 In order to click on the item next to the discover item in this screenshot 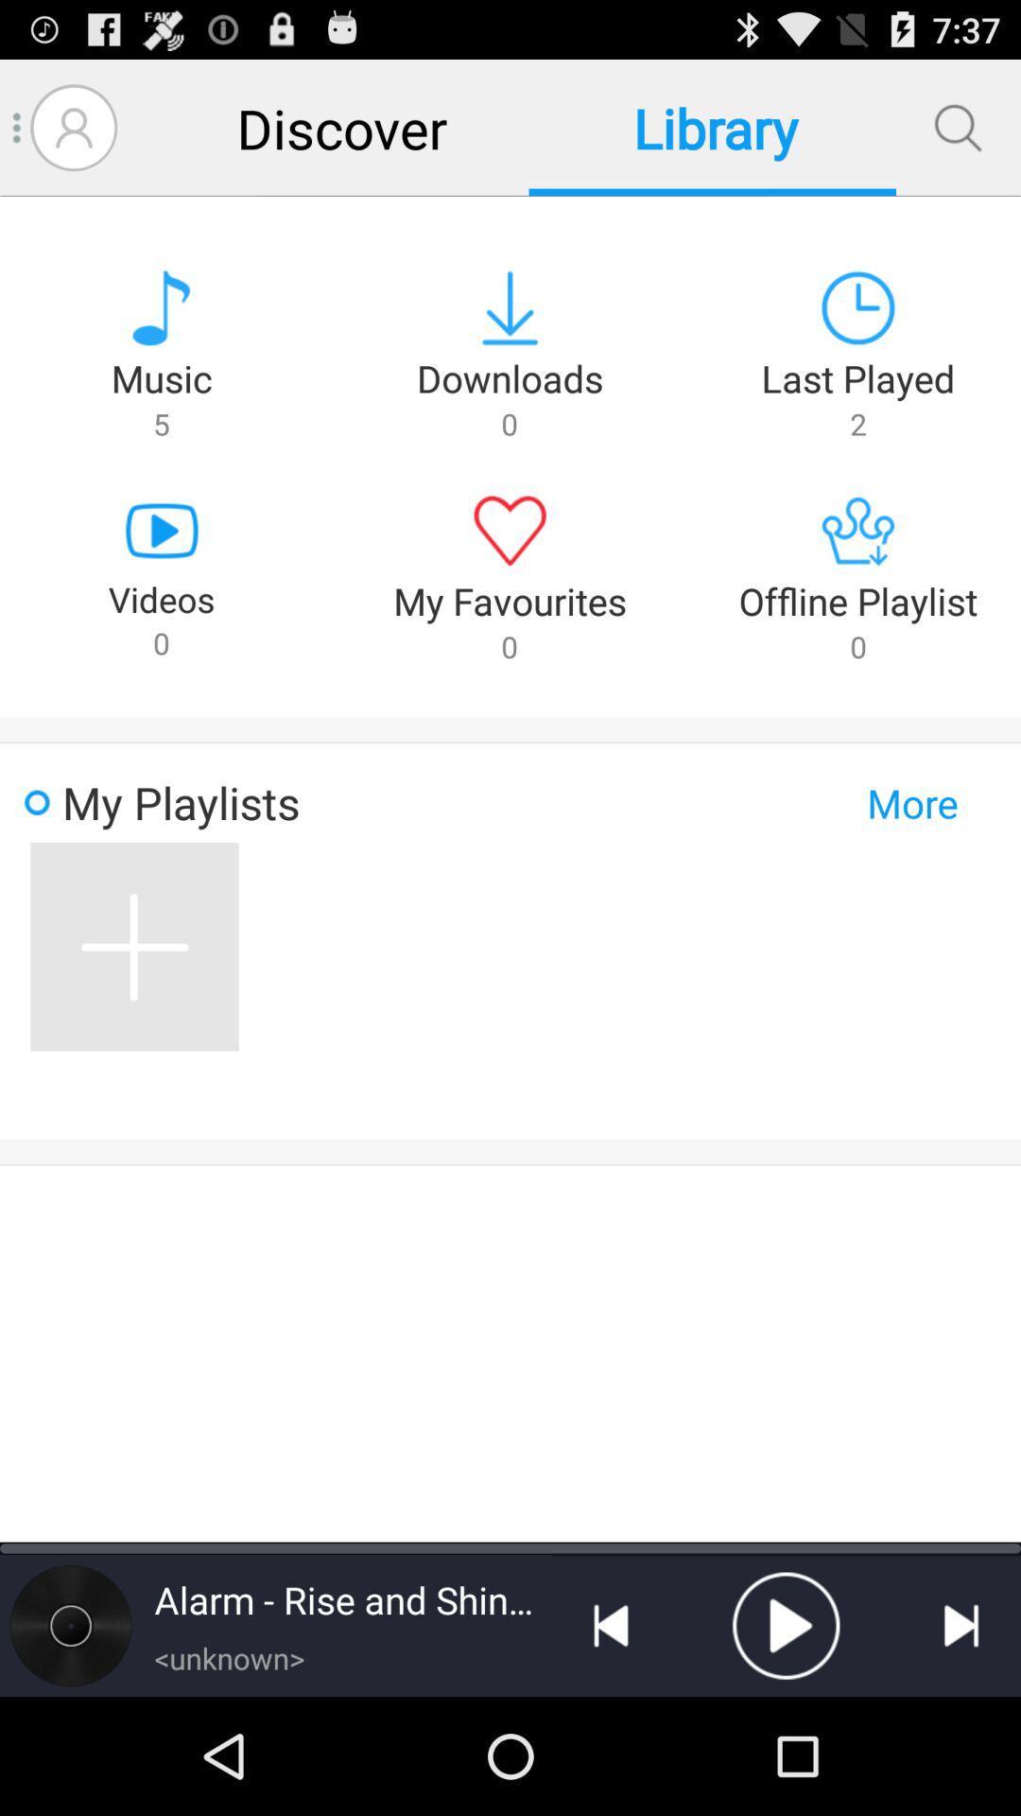, I will do `click(73, 127)`.